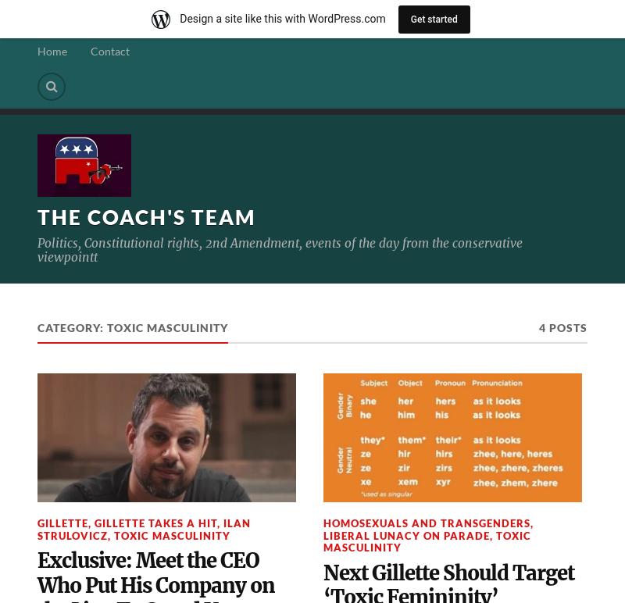 The width and height of the screenshot is (625, 603). Describe the element at coordinates (51, 51) in the screenshot. I see `'Home'` at that location.